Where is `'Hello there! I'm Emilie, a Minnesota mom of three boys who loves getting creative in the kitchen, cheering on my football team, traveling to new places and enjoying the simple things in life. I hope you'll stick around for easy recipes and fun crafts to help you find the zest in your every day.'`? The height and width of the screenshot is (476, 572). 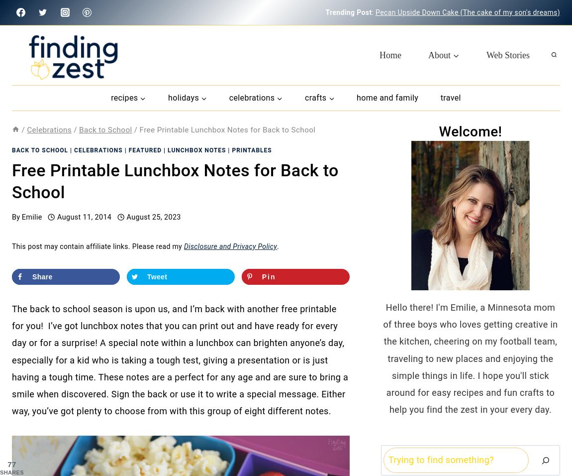 'Hello there! I'm Emilie, a Minnesota mom of three boys who loves getting creative in the kitchen, cheering on my football team, traveling to new places and enjoying the simple things in life. I hope you'll stick around for easy recipes and fun crafts to help you find the zest in your every day.' is located at coordinates (470, 357).